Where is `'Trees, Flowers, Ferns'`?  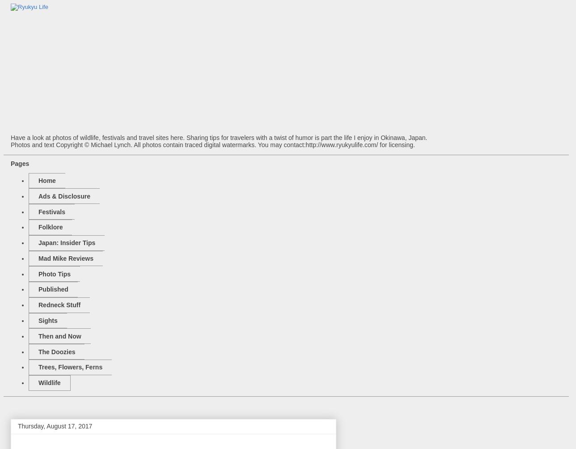
'Trees, Flowers, Ferns' is located at coordinates (70, 367).